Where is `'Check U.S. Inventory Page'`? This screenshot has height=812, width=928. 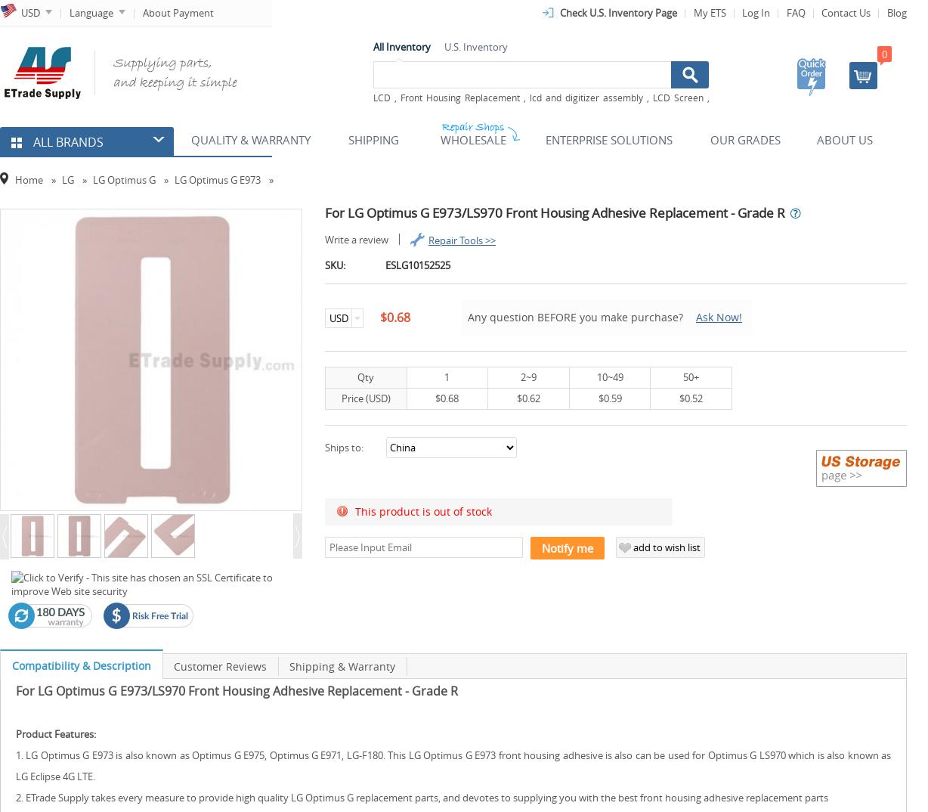 'Check U.S. Inventory Page' is located at coordinates (617, 11).